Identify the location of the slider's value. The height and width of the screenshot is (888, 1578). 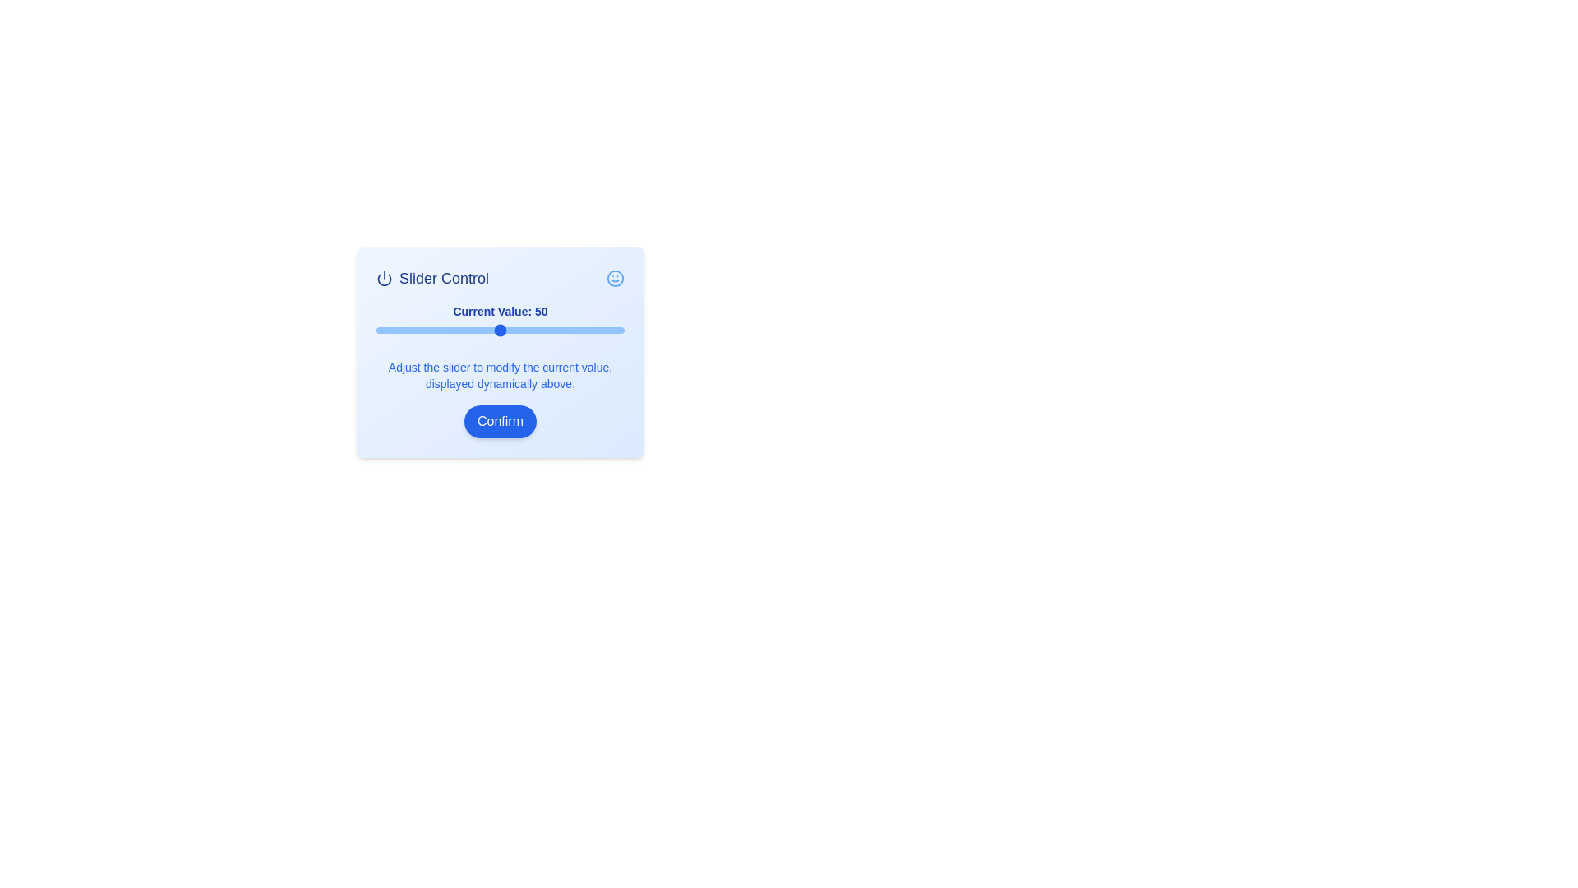
(399, 330).